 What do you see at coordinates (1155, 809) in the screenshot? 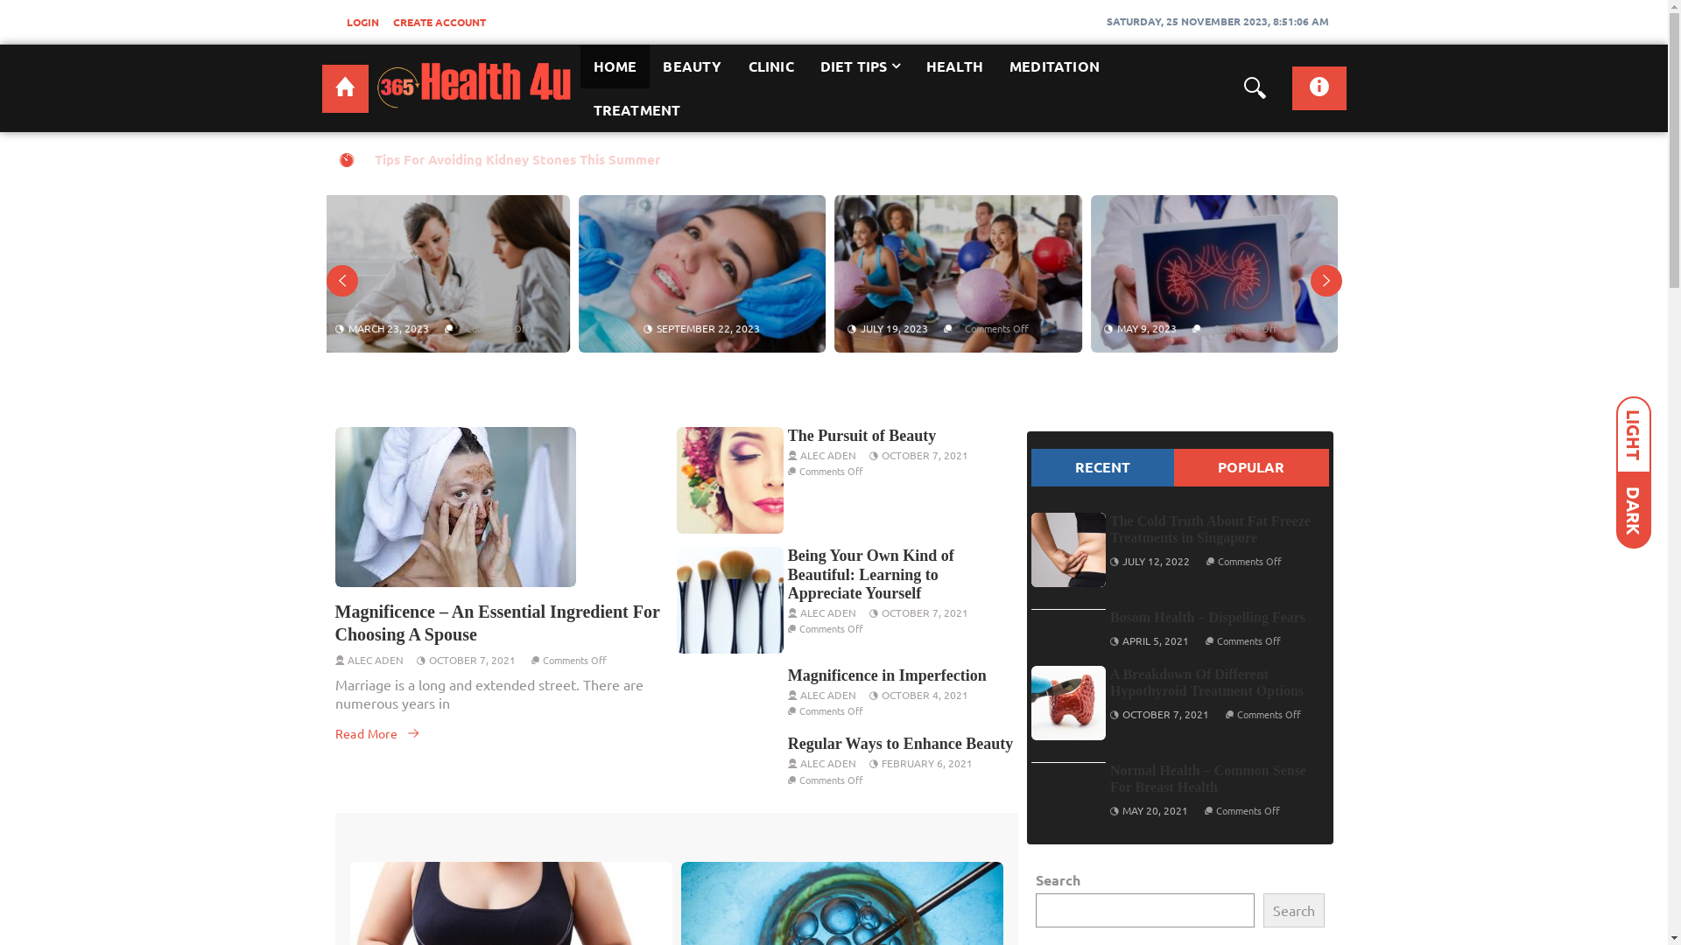
I see `'MAY 20, 2021'` at bounding box center [1155, 809].